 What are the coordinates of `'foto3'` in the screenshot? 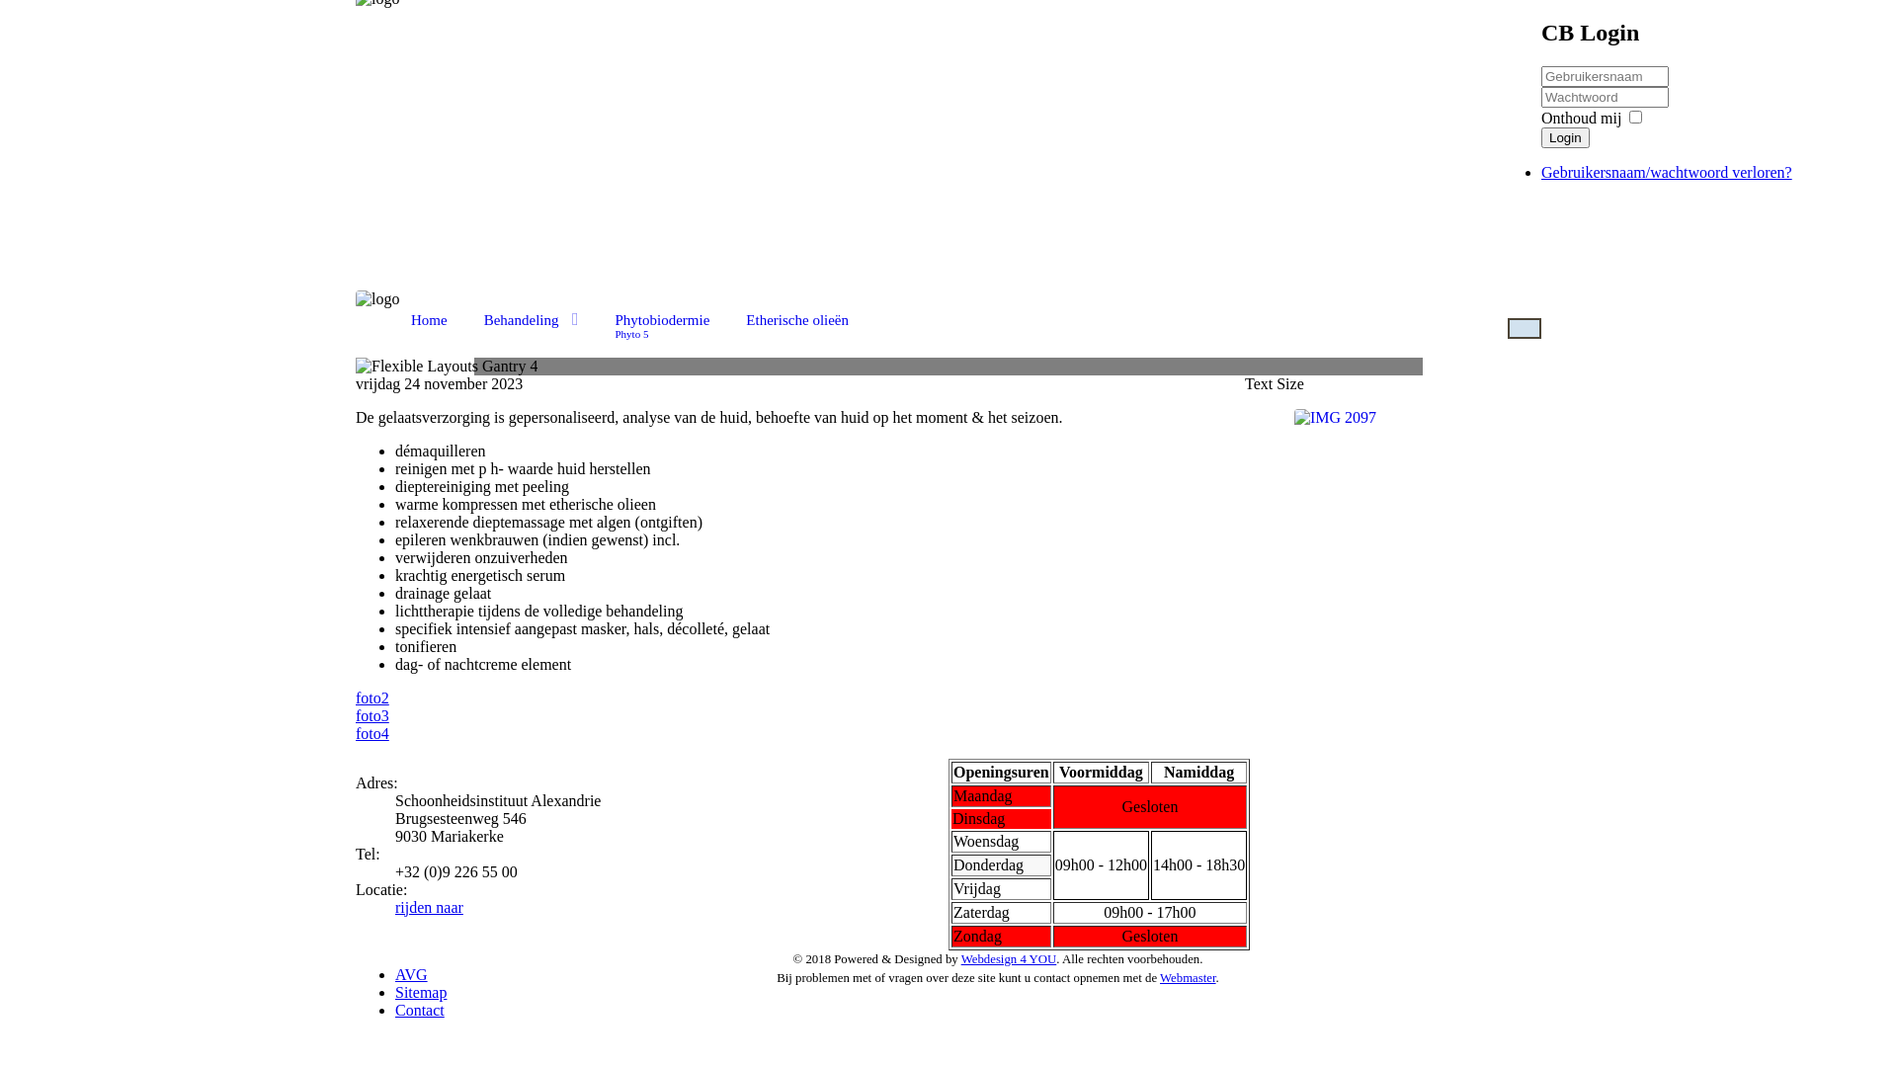 It's located at (356, 715).